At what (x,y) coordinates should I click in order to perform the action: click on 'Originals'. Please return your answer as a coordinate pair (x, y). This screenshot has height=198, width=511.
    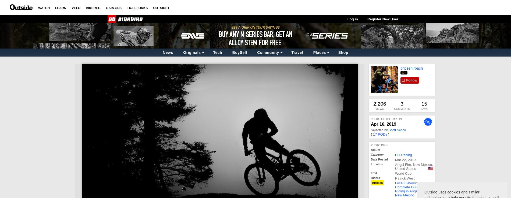
    Looking at the image, I should click on (191, 52).